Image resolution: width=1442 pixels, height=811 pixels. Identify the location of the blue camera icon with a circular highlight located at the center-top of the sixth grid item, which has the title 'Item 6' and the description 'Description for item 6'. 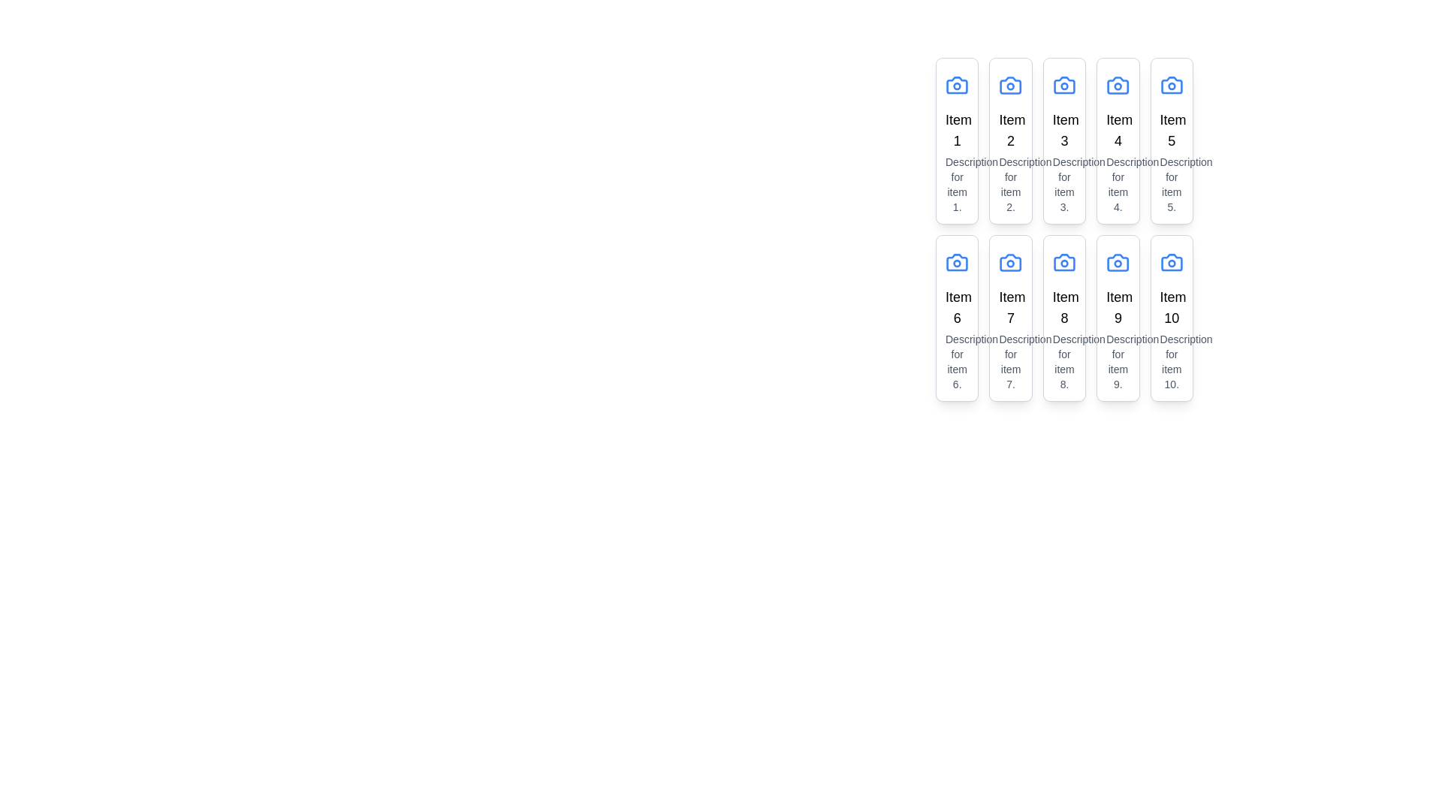
(956, 262).